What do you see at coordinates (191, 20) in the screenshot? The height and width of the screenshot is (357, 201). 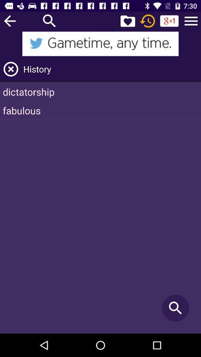 I see `icon above history item` at bounding box center [191, 20].